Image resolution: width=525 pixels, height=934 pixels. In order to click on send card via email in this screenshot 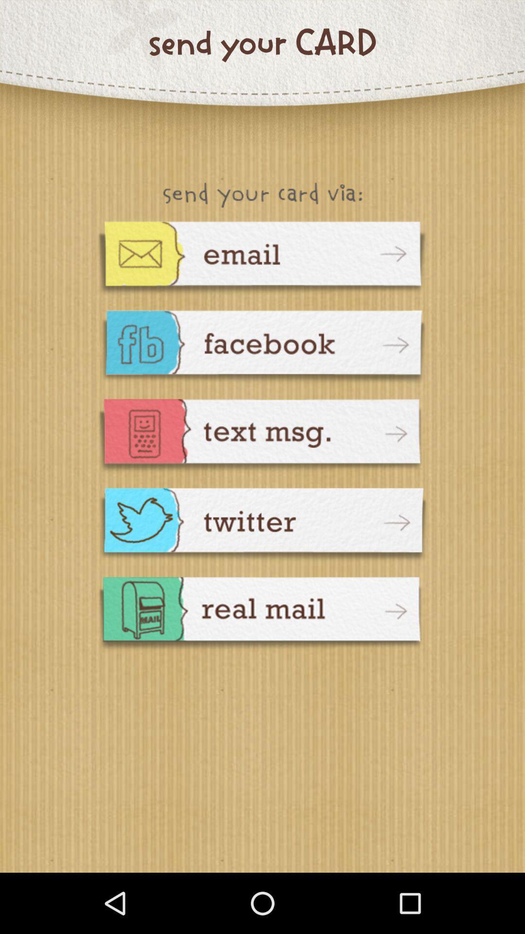, I will do `click(262, 259)`.